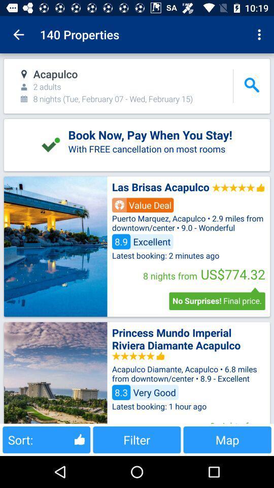  What do you see at coordinates (227, 439) in the screenshot?
I see `the button next to filter icon` at bounding box center [227, 439].